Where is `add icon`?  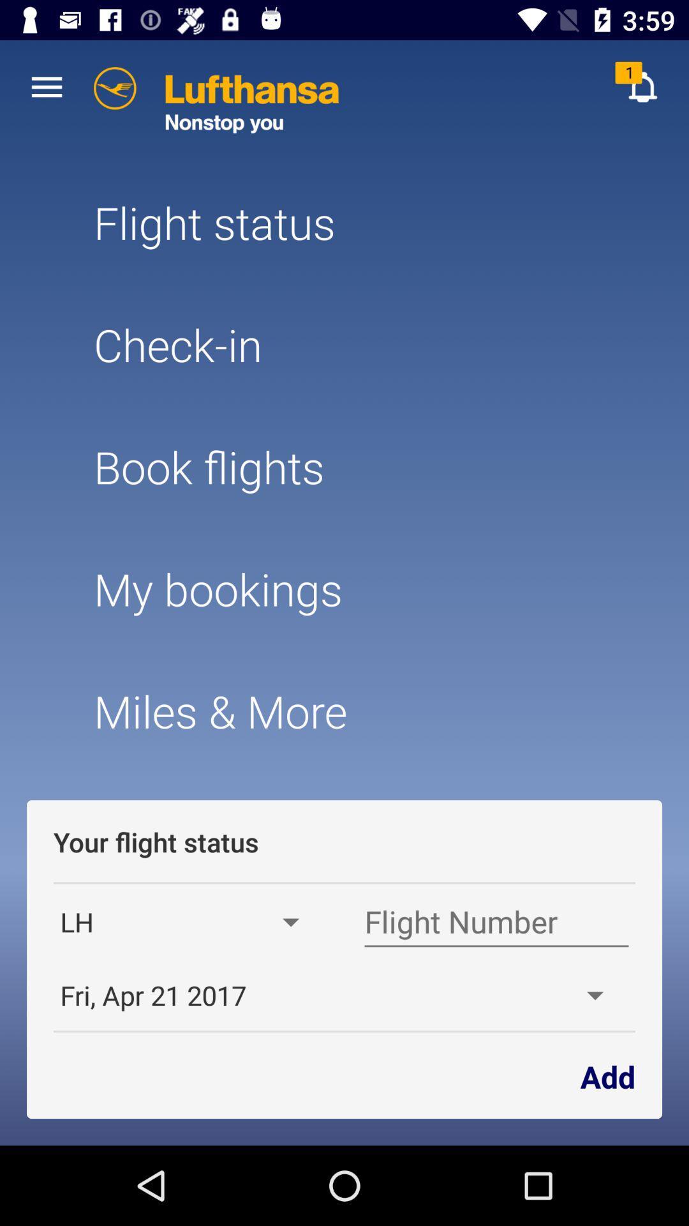
add icon is located at coordinates (607, 1075).